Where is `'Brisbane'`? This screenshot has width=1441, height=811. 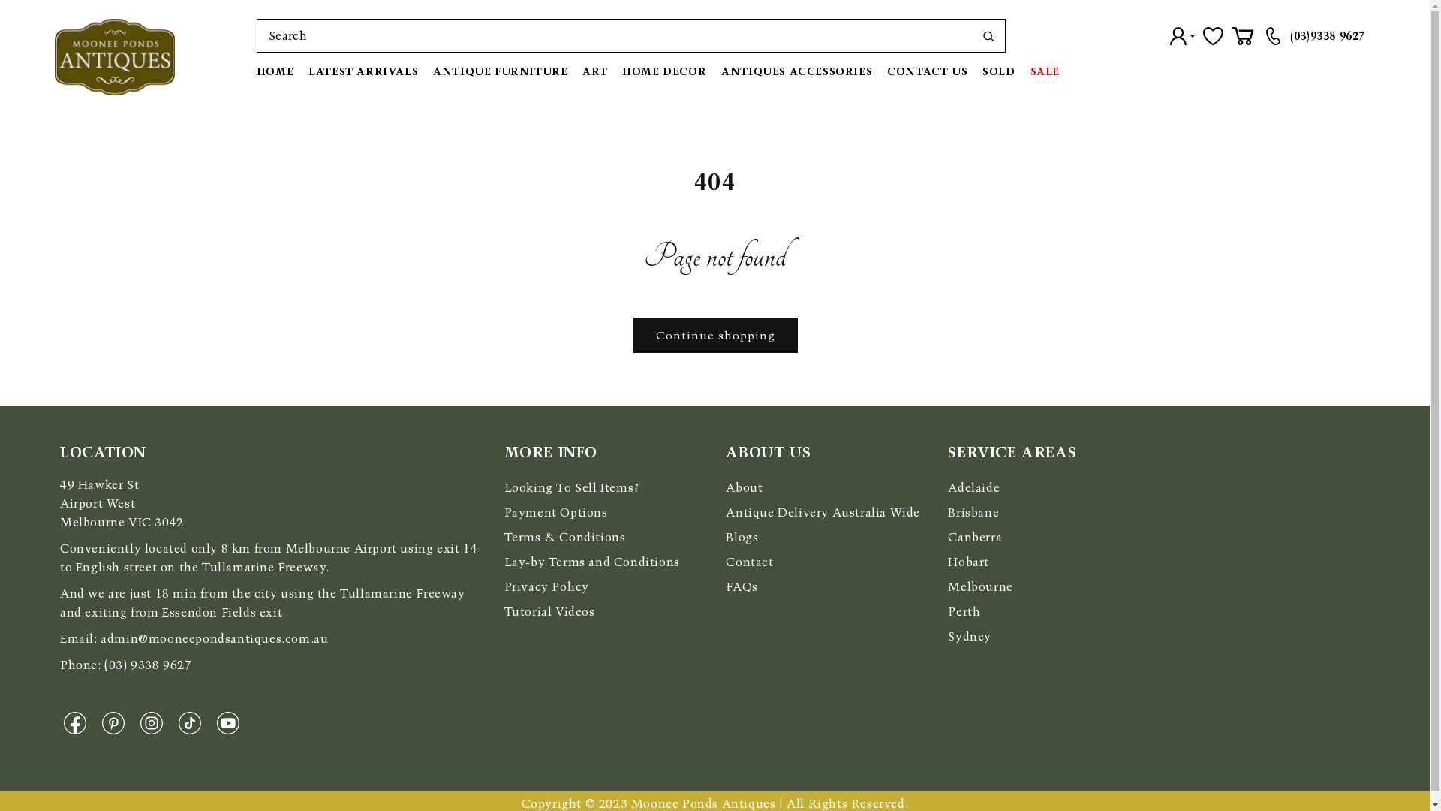
'Brisbane' is located at coordinates (973, 511).